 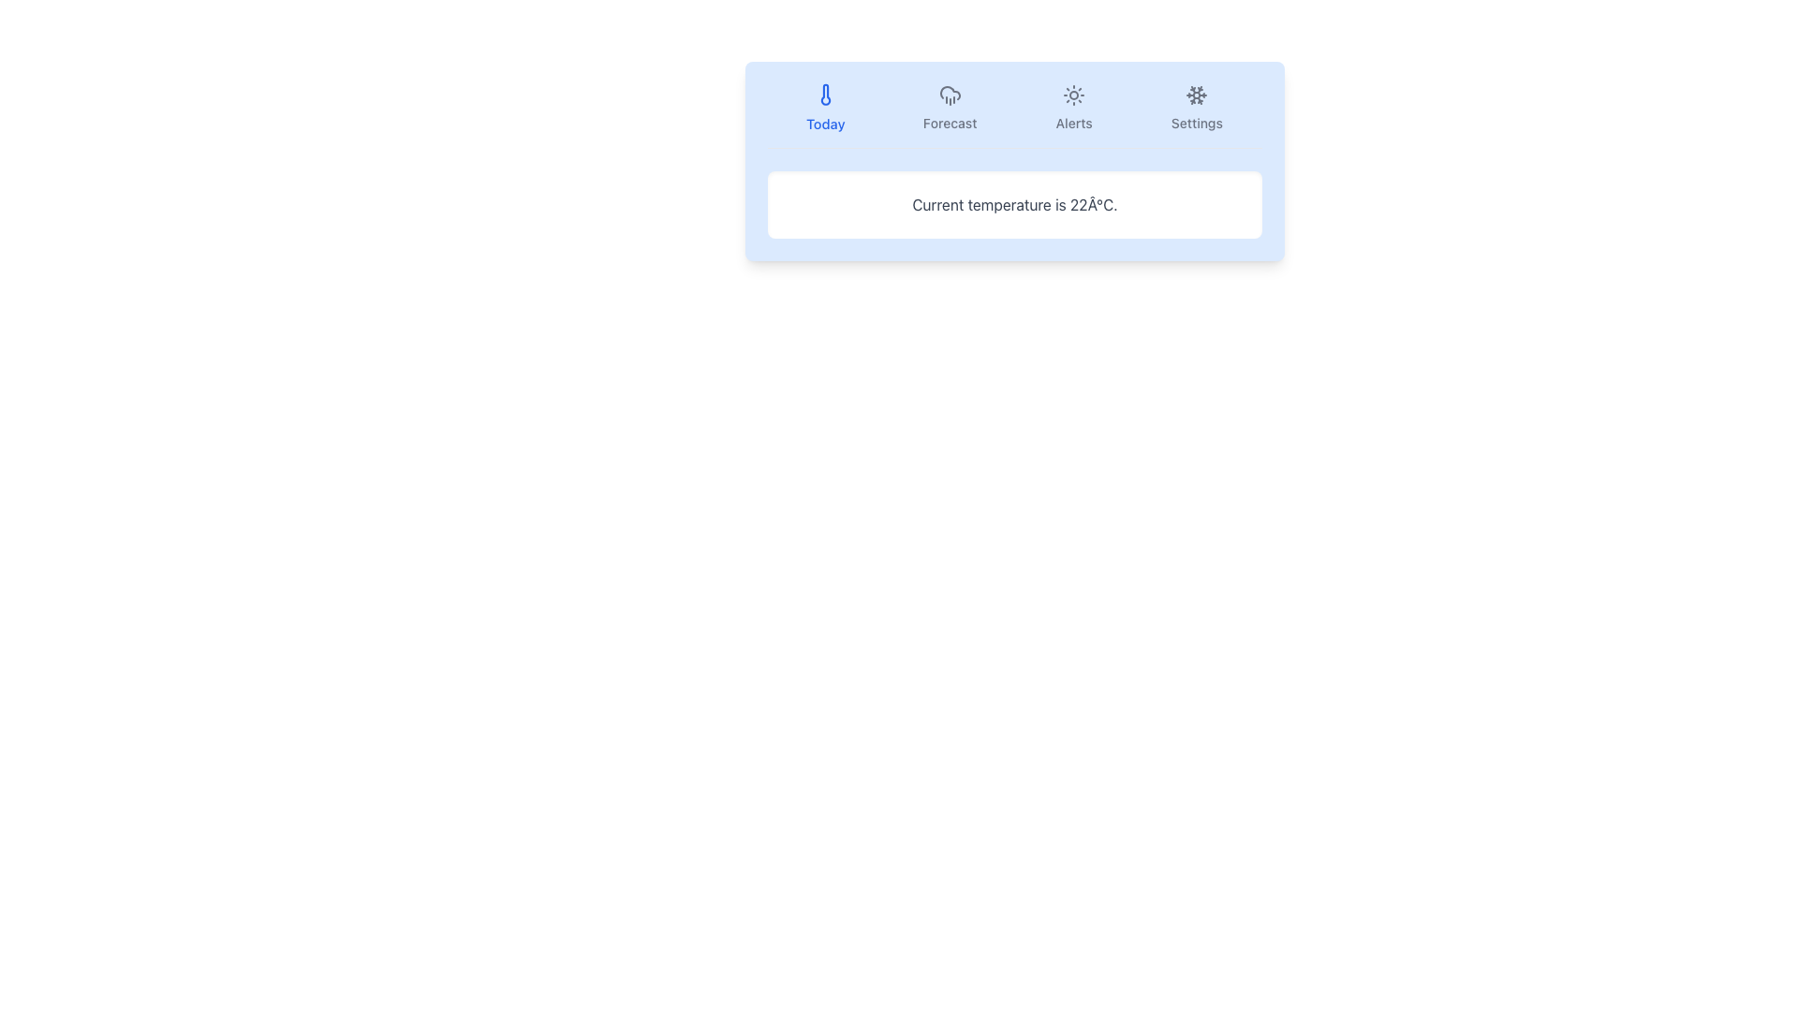 What do you see at coordinates (824, 95) in the screenshot?
I see `the thermometer icon button labeled 'Today'` at bounding box center [824, 95].